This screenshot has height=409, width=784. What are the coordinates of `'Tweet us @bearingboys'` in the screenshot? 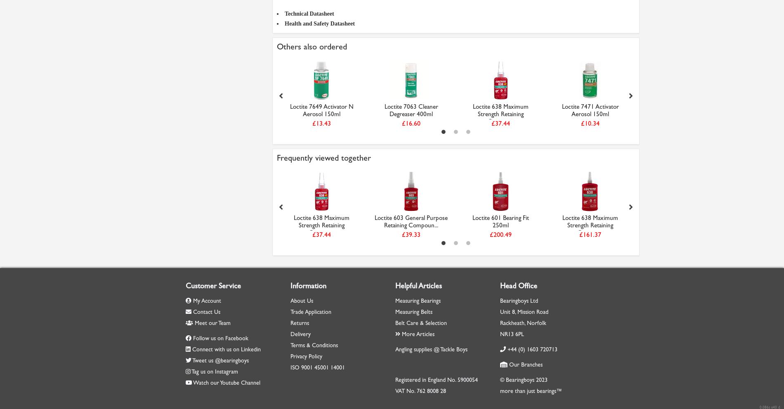 It's located at (220, 360).